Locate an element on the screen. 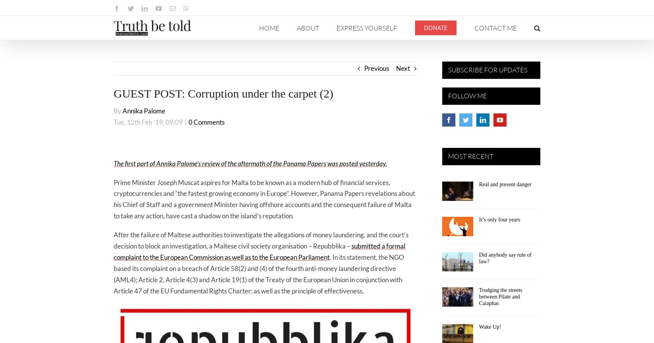  'Wake Up!' is located at coordinates (489, 326).